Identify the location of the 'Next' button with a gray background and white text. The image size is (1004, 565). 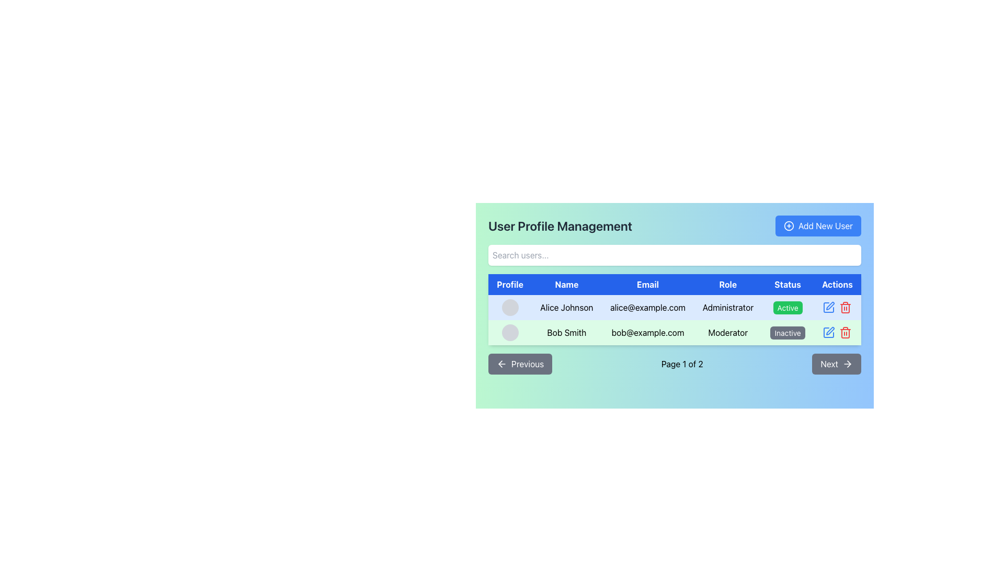
(836, 363).